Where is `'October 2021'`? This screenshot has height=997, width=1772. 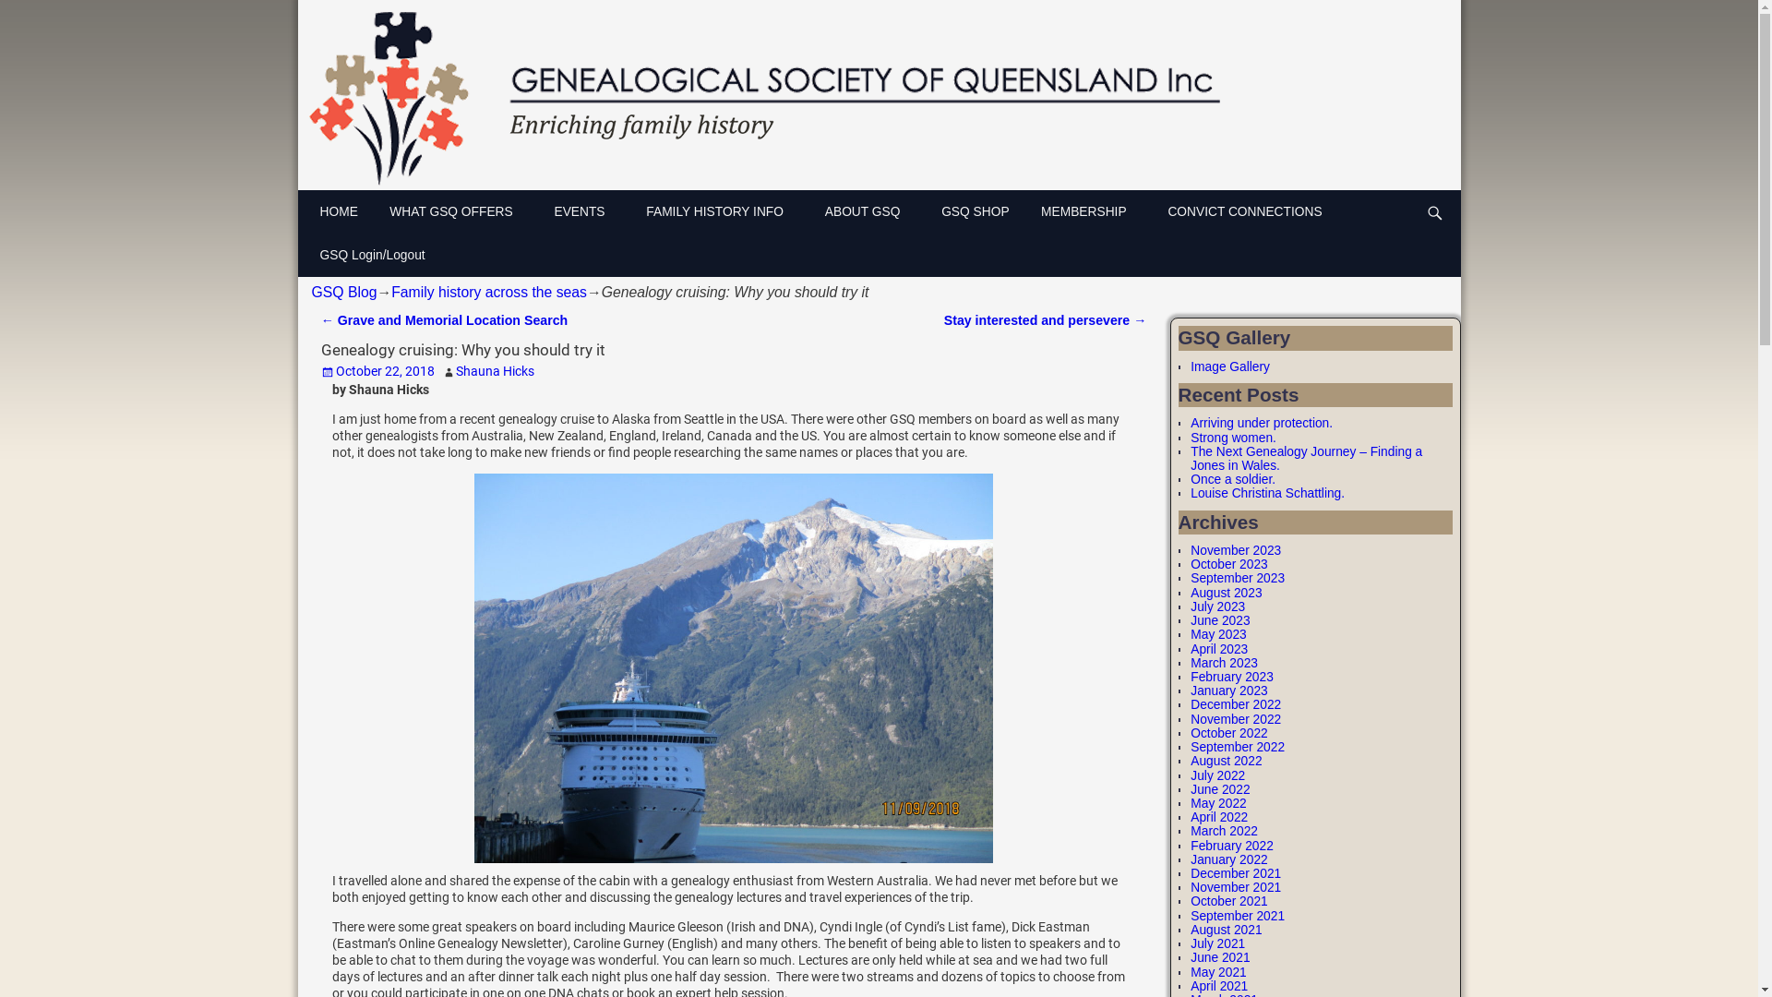 'October 2021' is located at coordinates (1228, 900).